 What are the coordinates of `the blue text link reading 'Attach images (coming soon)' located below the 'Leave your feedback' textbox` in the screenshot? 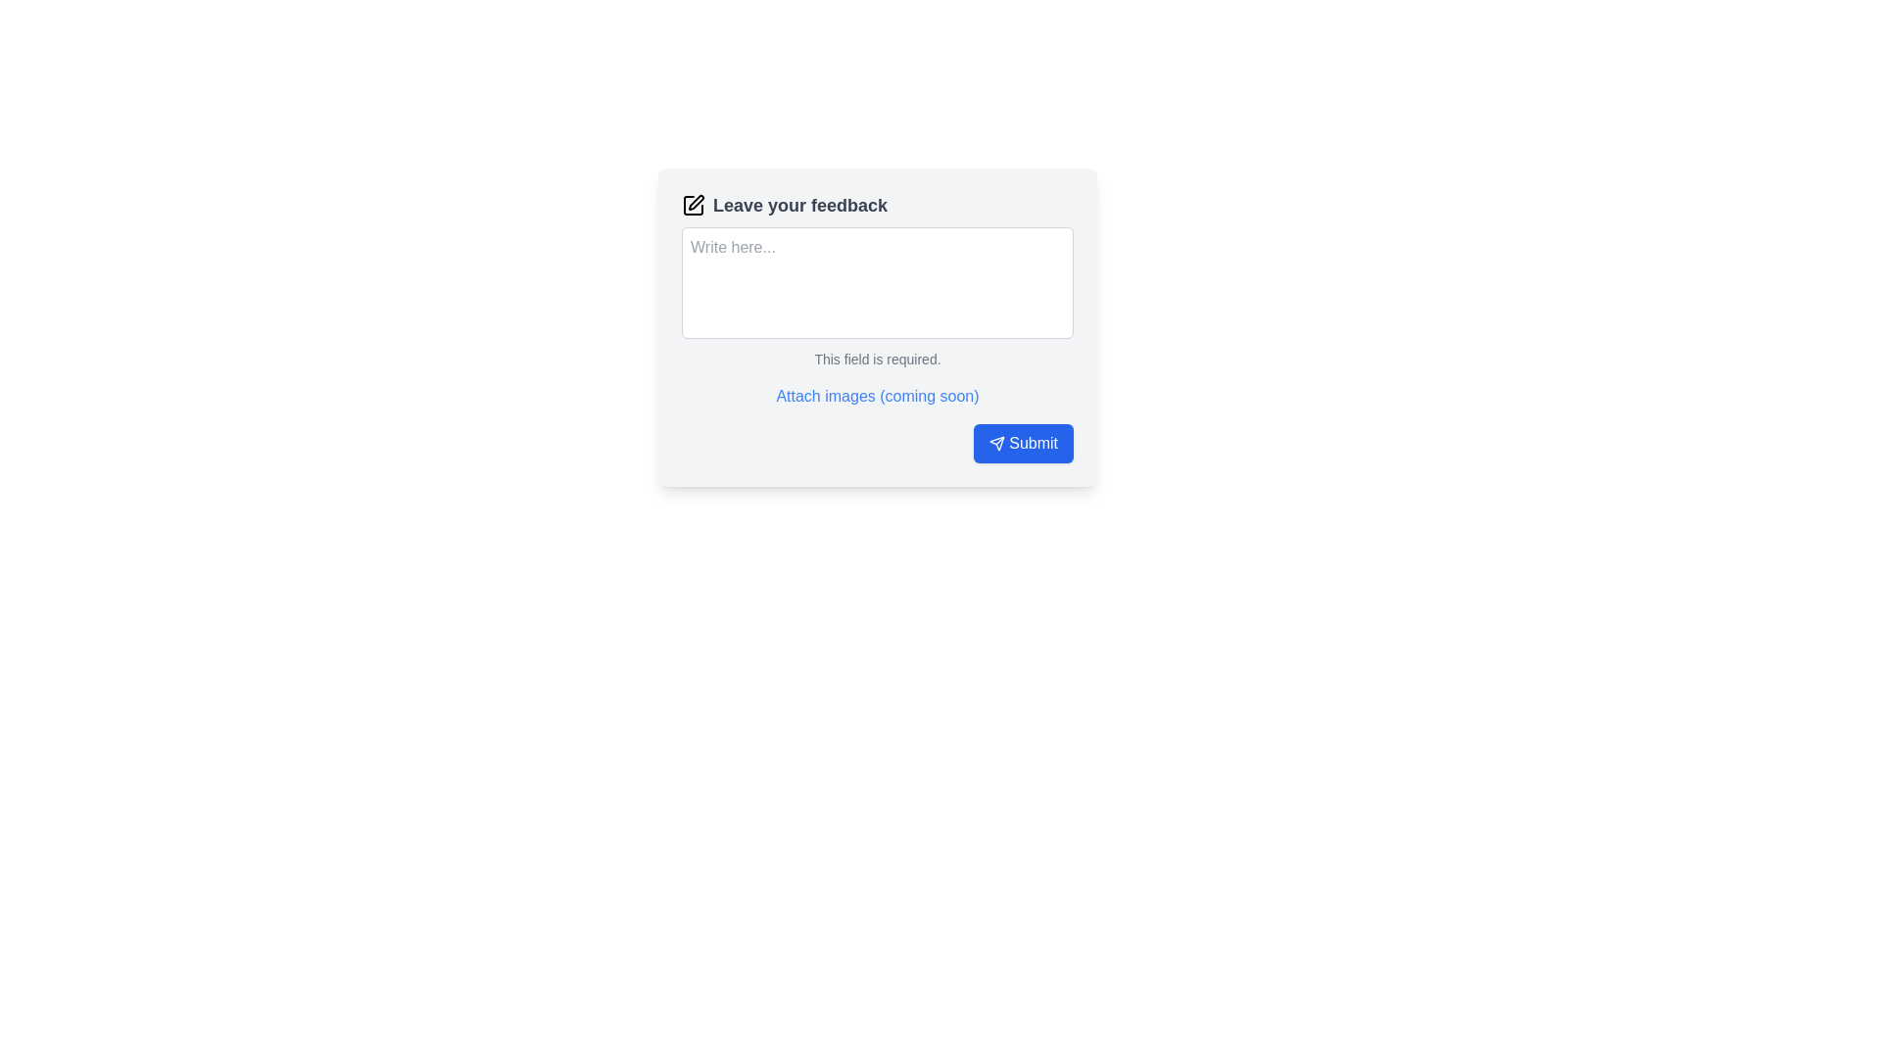 It's located at (875, 397).